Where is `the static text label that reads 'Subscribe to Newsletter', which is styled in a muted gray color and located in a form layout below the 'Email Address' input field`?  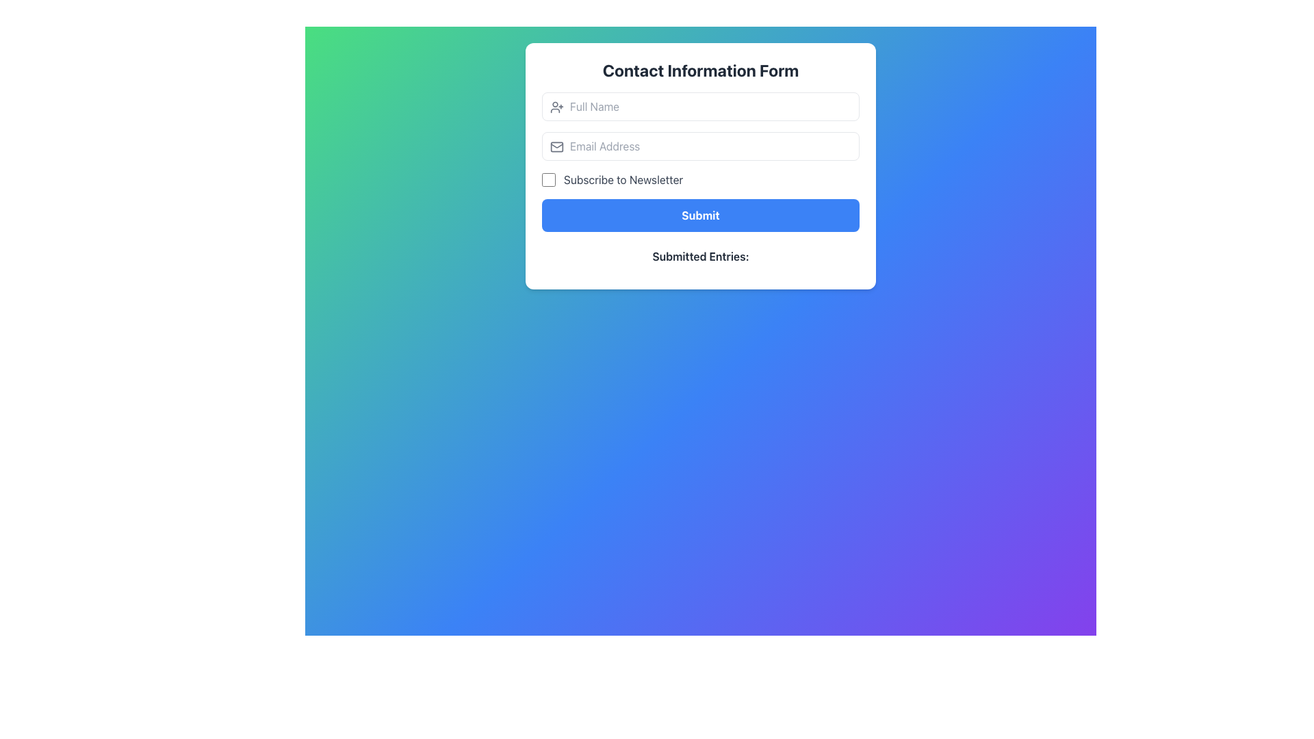 the static text label that reads 'Subscribe to Newsletter', which is styled in a muted gray color and located in a form layout below the 'Email Address' input field is located at coordinates (623, 179).